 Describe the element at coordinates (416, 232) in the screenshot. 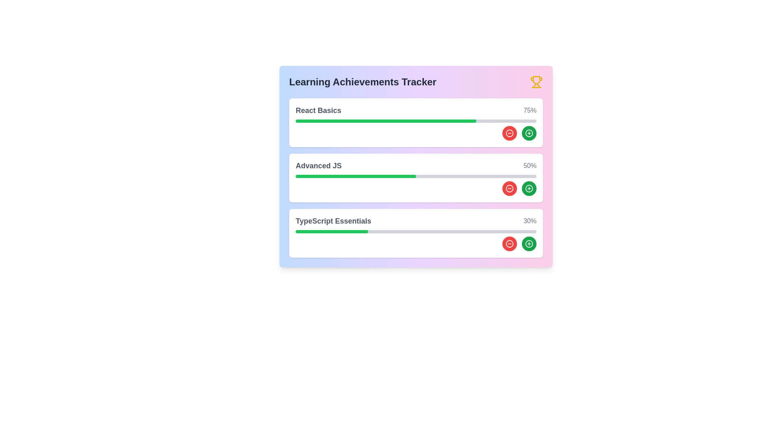

I see `the Progress Bar indicating 30% completion for the 'TypeScript Essentials' task, located beneath the 'TypeScript Essentials' heading and above the control buttons` at that location.